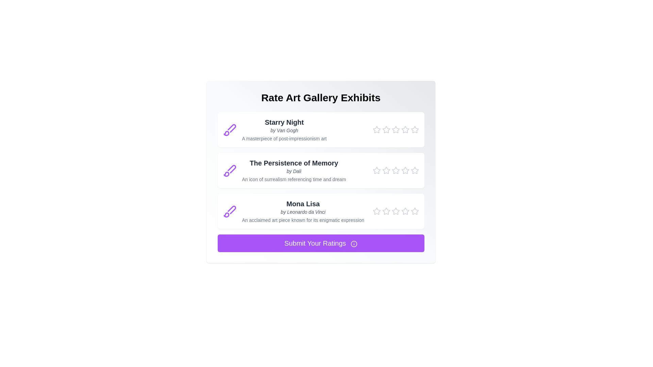  I want to click on the star corresponding to 5 for the painting titled Starry Night to set its rating, so click(414, 129).